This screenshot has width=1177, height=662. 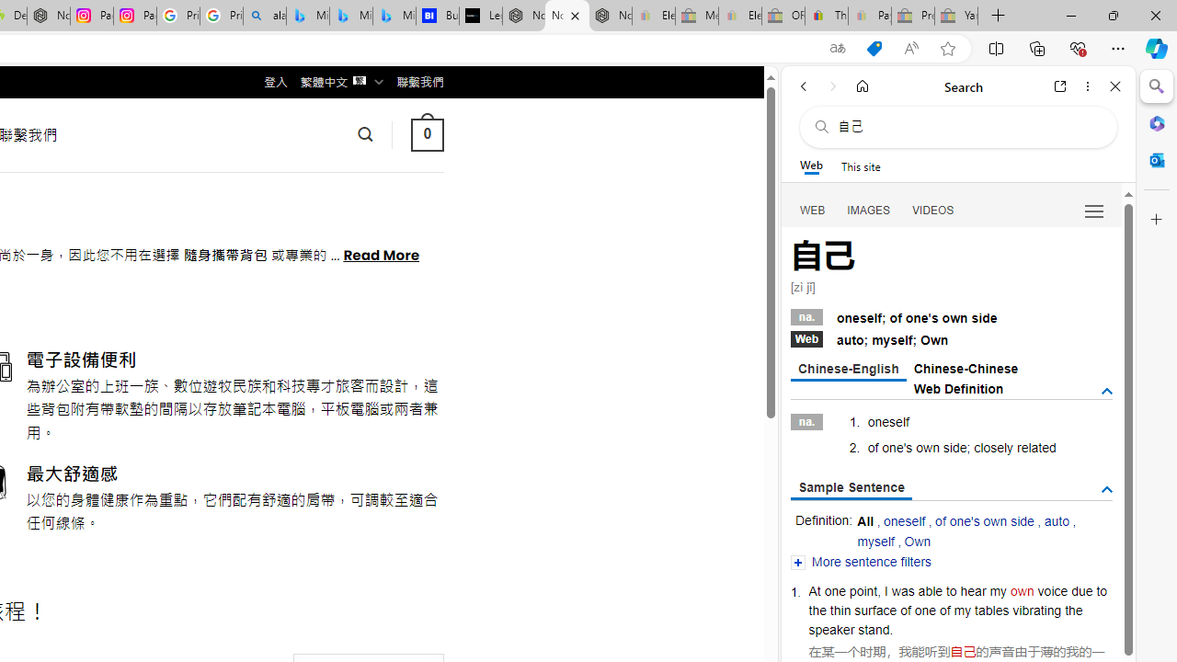 What do you see at coordinates (1105, 390) in the screenshot?
I see `'AutomationID: tgdef'` at bounding box center [1105, 390].